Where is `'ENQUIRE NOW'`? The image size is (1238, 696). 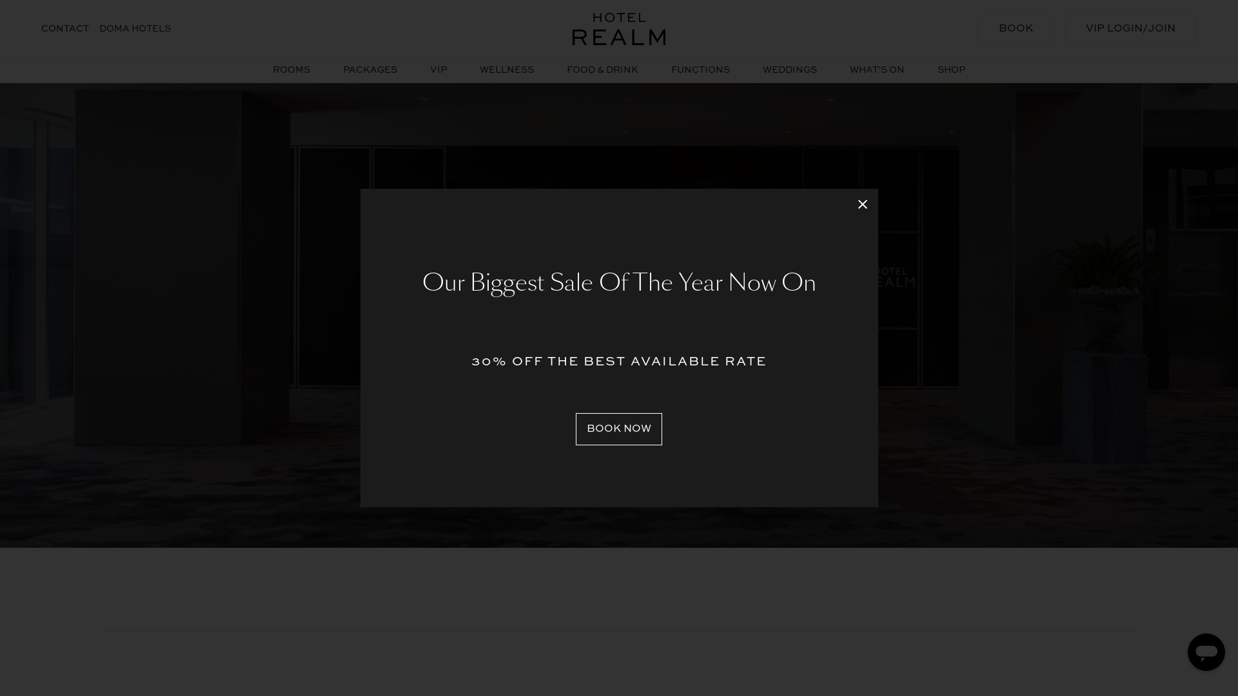
'ENQUIRE NOW' is located at coordinates (619, 389).